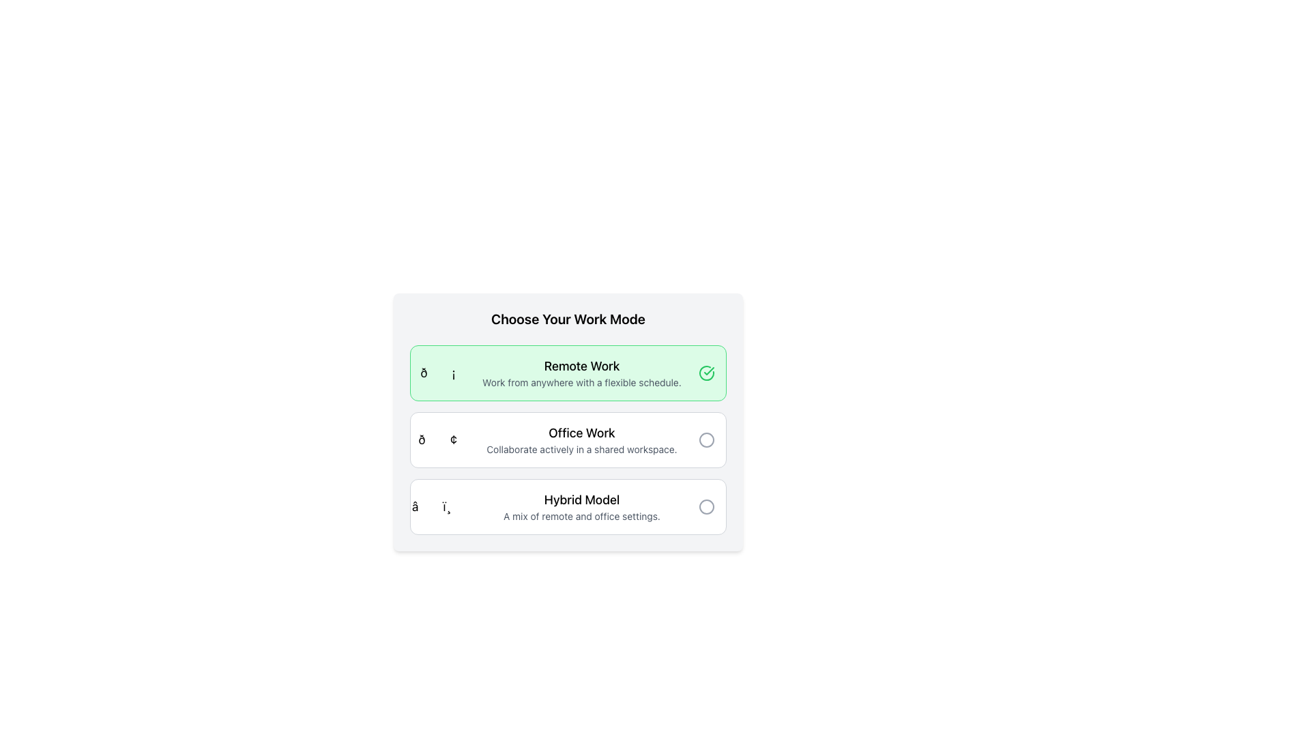 This screenshot has height=737, width=1310. What do you see at coordinates (582, 507) in the screenshot?
I see `text element displaying information about the 'Hybrid Model' option, which is located below the 'Office Work' option in the vertical list of work modes` at bounding box center [582, 507].